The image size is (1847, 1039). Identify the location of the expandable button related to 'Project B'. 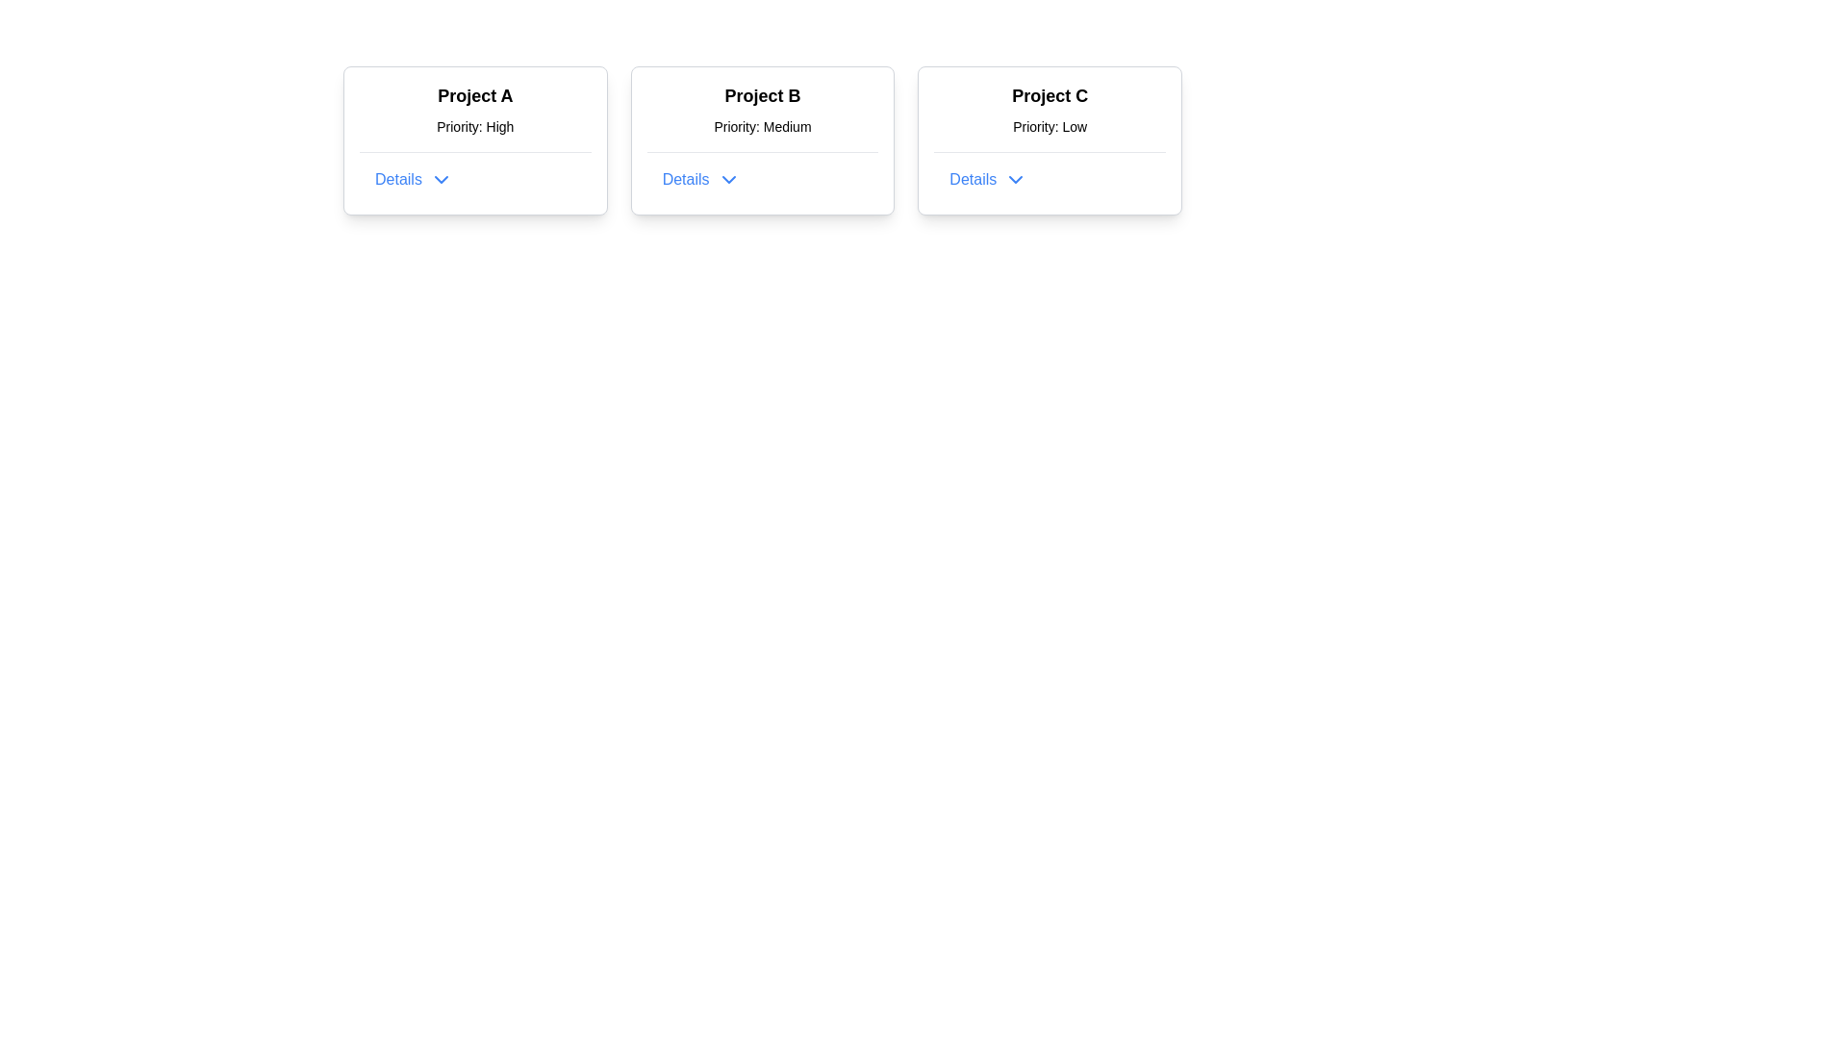
(761, 175).